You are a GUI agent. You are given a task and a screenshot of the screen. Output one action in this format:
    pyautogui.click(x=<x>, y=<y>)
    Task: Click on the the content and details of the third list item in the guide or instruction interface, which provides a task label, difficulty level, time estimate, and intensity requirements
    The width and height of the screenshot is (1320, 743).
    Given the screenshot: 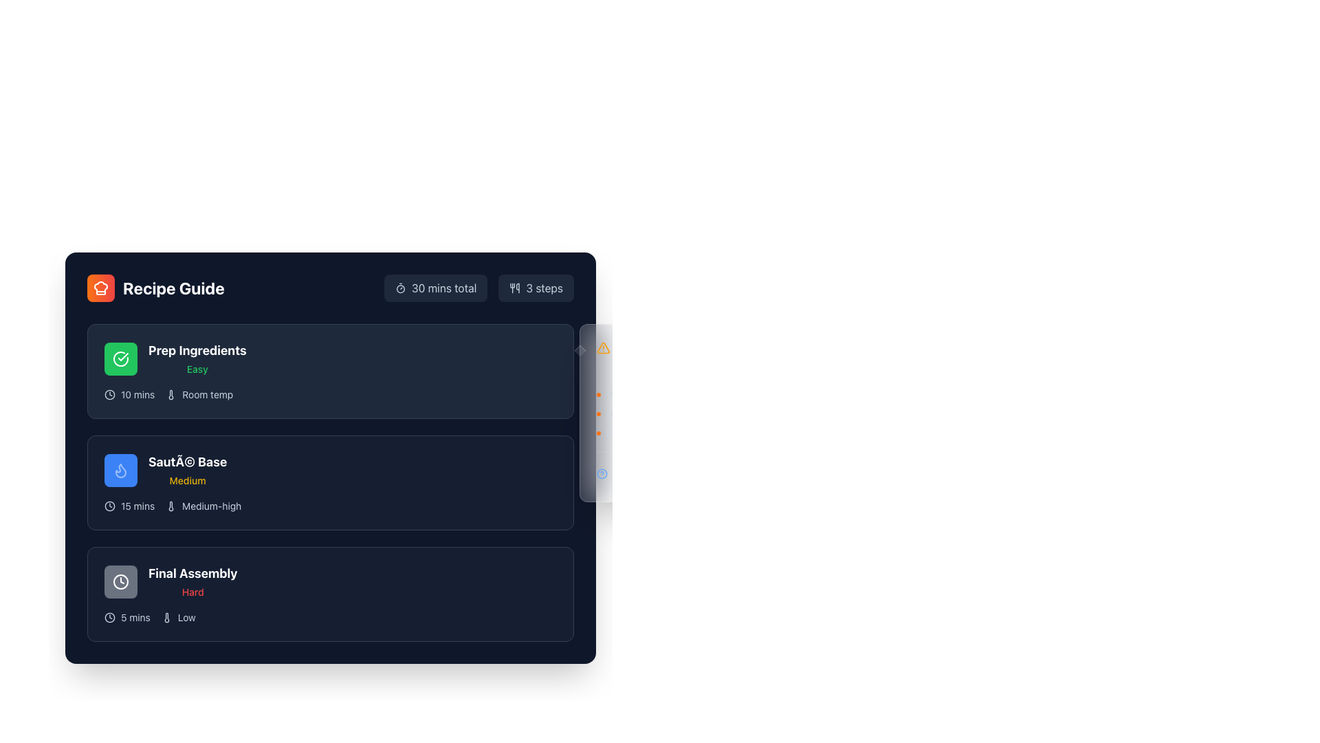 What is the action you would take?
    pyautogui.click(x=330, y=594)
    